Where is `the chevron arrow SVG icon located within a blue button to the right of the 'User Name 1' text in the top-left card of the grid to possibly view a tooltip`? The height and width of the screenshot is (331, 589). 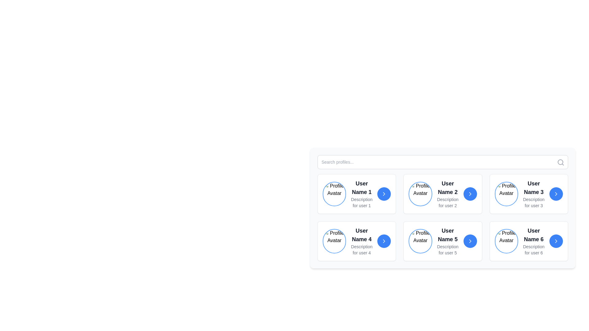
the chevron arrow SVG icon located within a blue button to the right of the 'User Name 1' text in the top-left card of the grid to possibly view a tooltip is located at coordinates (384, 194).